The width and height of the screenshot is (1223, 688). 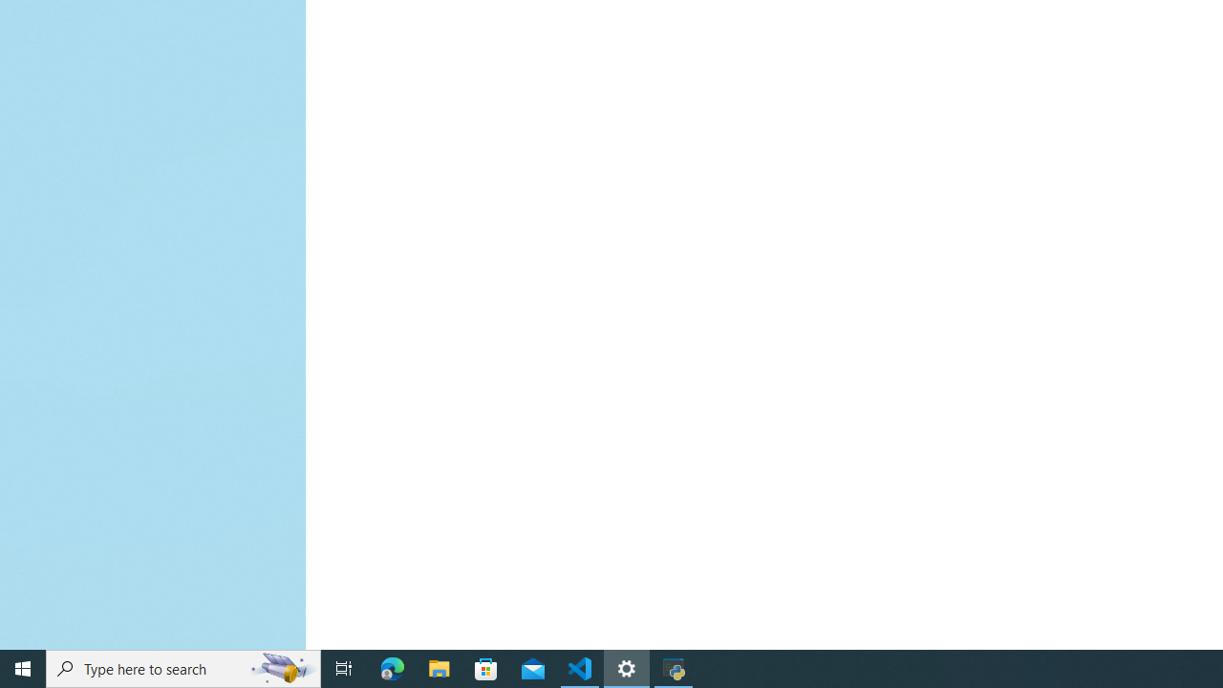 I want to click on 'Start', so click(x=23, y=667).